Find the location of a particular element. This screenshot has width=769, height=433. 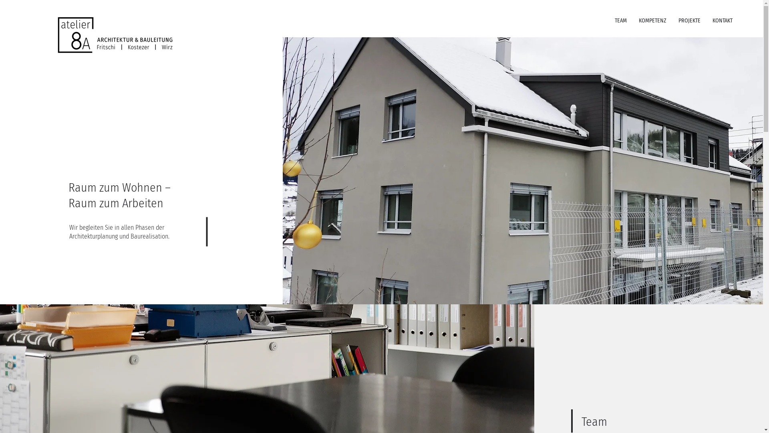

'KONTAKT' is located at coordinates (723, 20).